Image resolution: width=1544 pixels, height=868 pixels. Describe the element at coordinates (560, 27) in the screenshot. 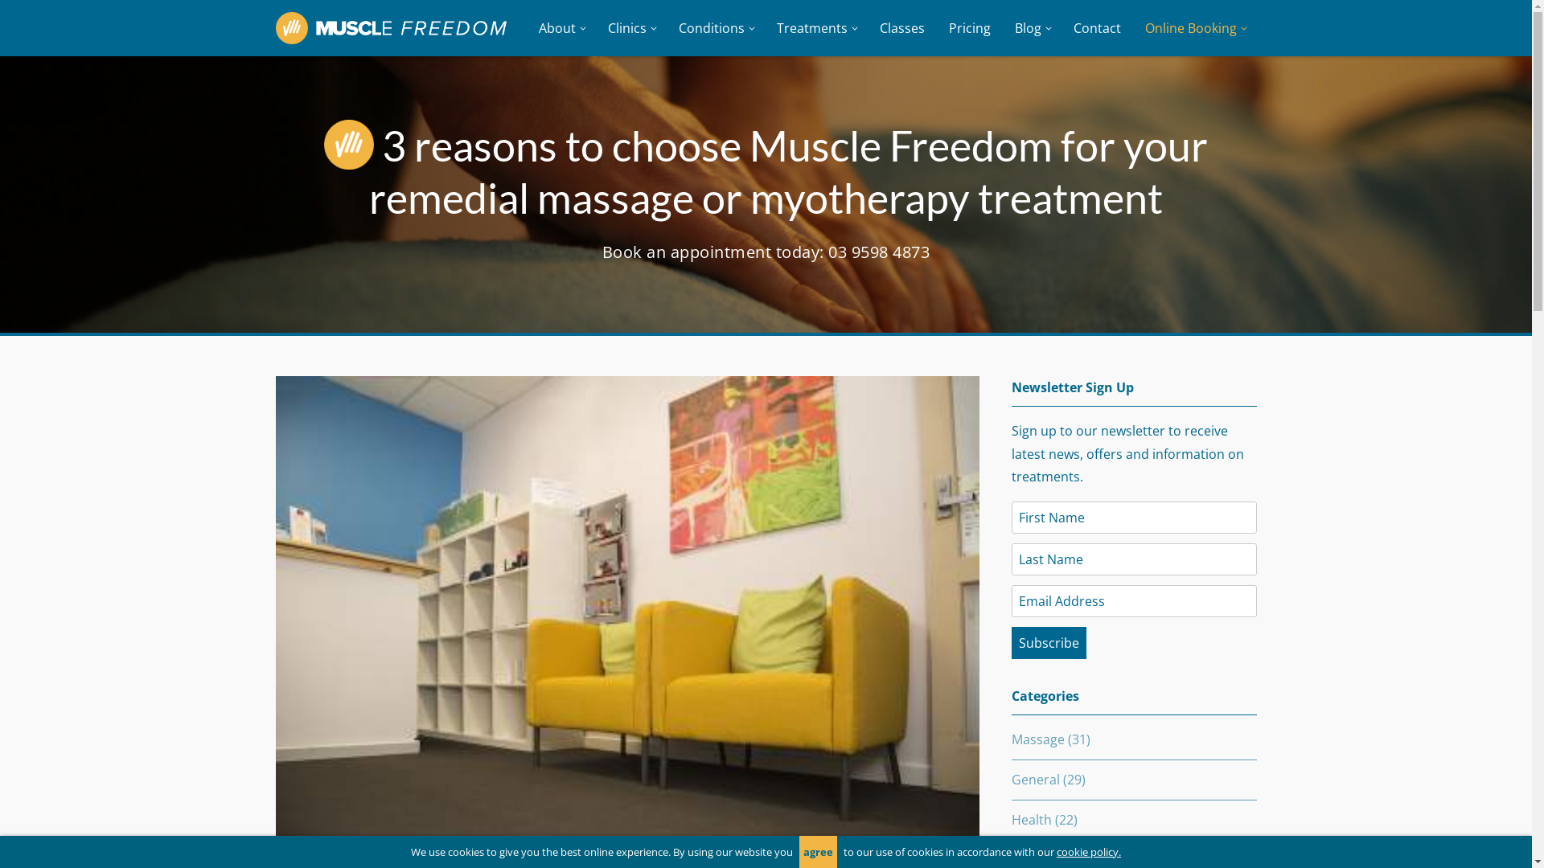

I see `'About'` at that location.